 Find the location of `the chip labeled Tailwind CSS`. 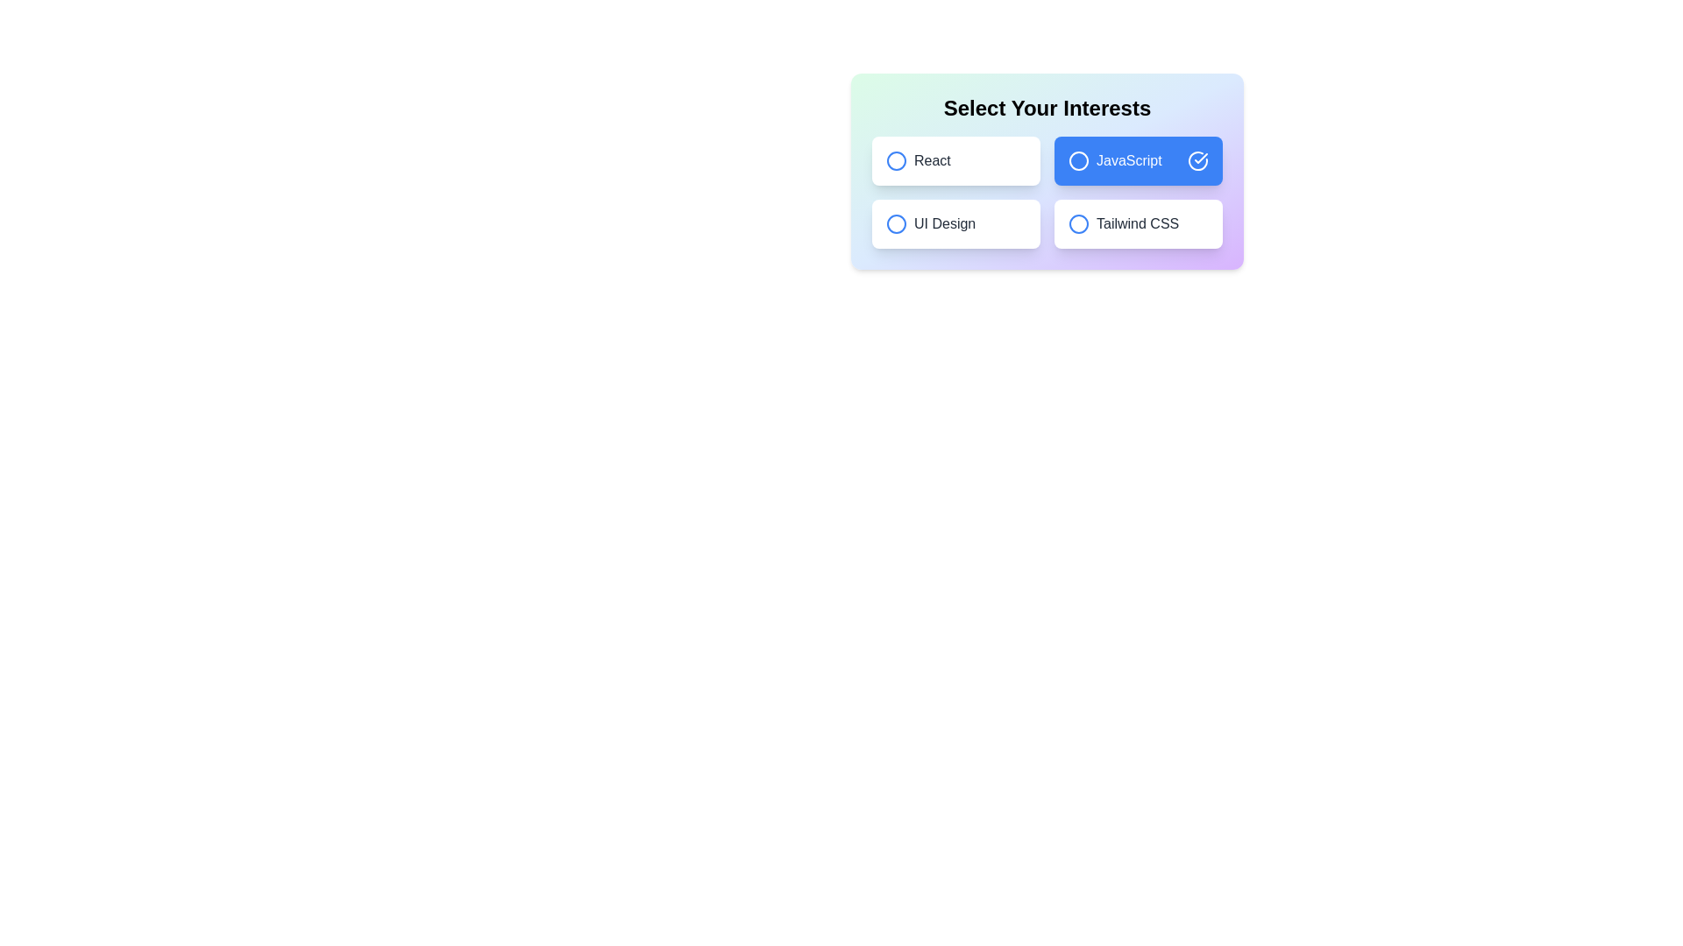

the chip labeled Tailwind CSS is located at coordinates (1139, 222).